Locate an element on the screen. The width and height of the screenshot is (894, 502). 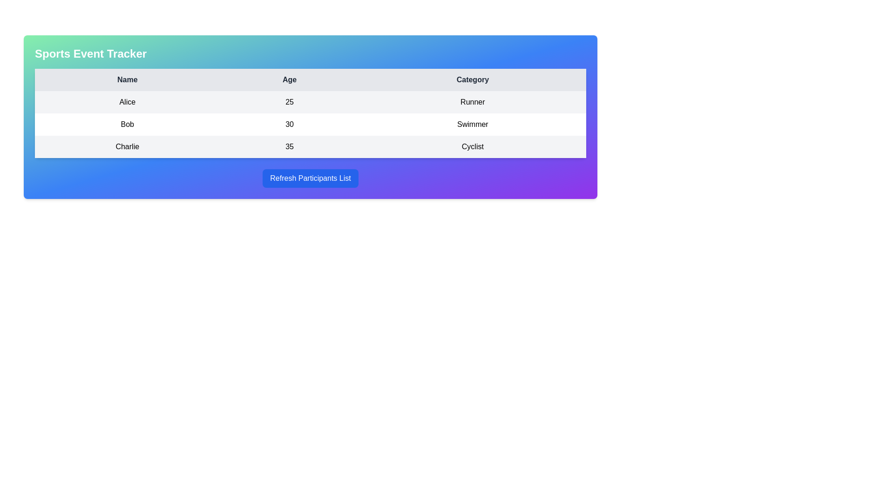
the static text element displaying 'Cyclist' located in the 'Category' column of the last row of the table, aligned under the participant 'Charlie' is located at coordinates (473, 146).